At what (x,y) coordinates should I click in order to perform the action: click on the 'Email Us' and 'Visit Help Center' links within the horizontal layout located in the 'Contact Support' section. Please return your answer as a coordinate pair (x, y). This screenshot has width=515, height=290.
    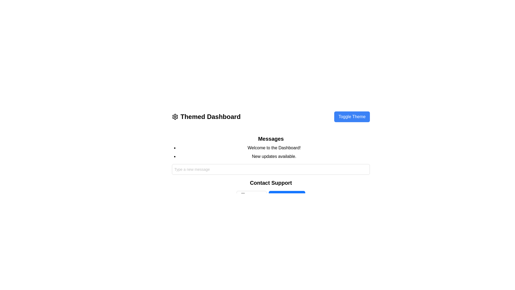
    Looking at the image, I should click on (271, 195).